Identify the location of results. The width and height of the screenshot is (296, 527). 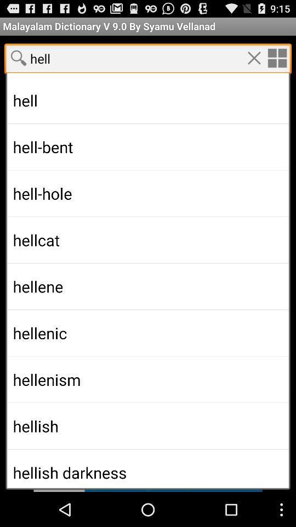
(148, 269).